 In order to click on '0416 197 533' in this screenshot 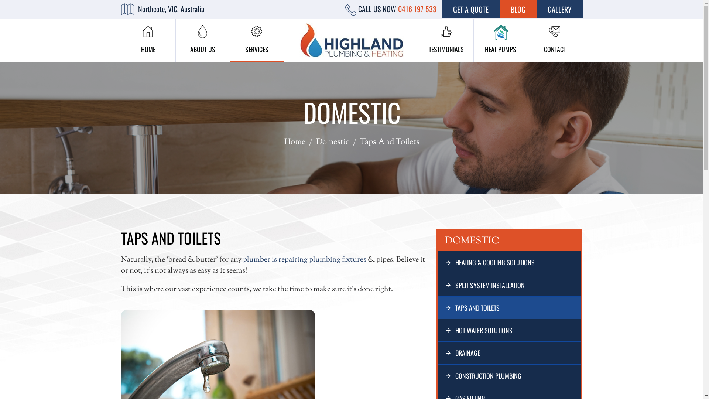, I will do `click(417, 8)`.